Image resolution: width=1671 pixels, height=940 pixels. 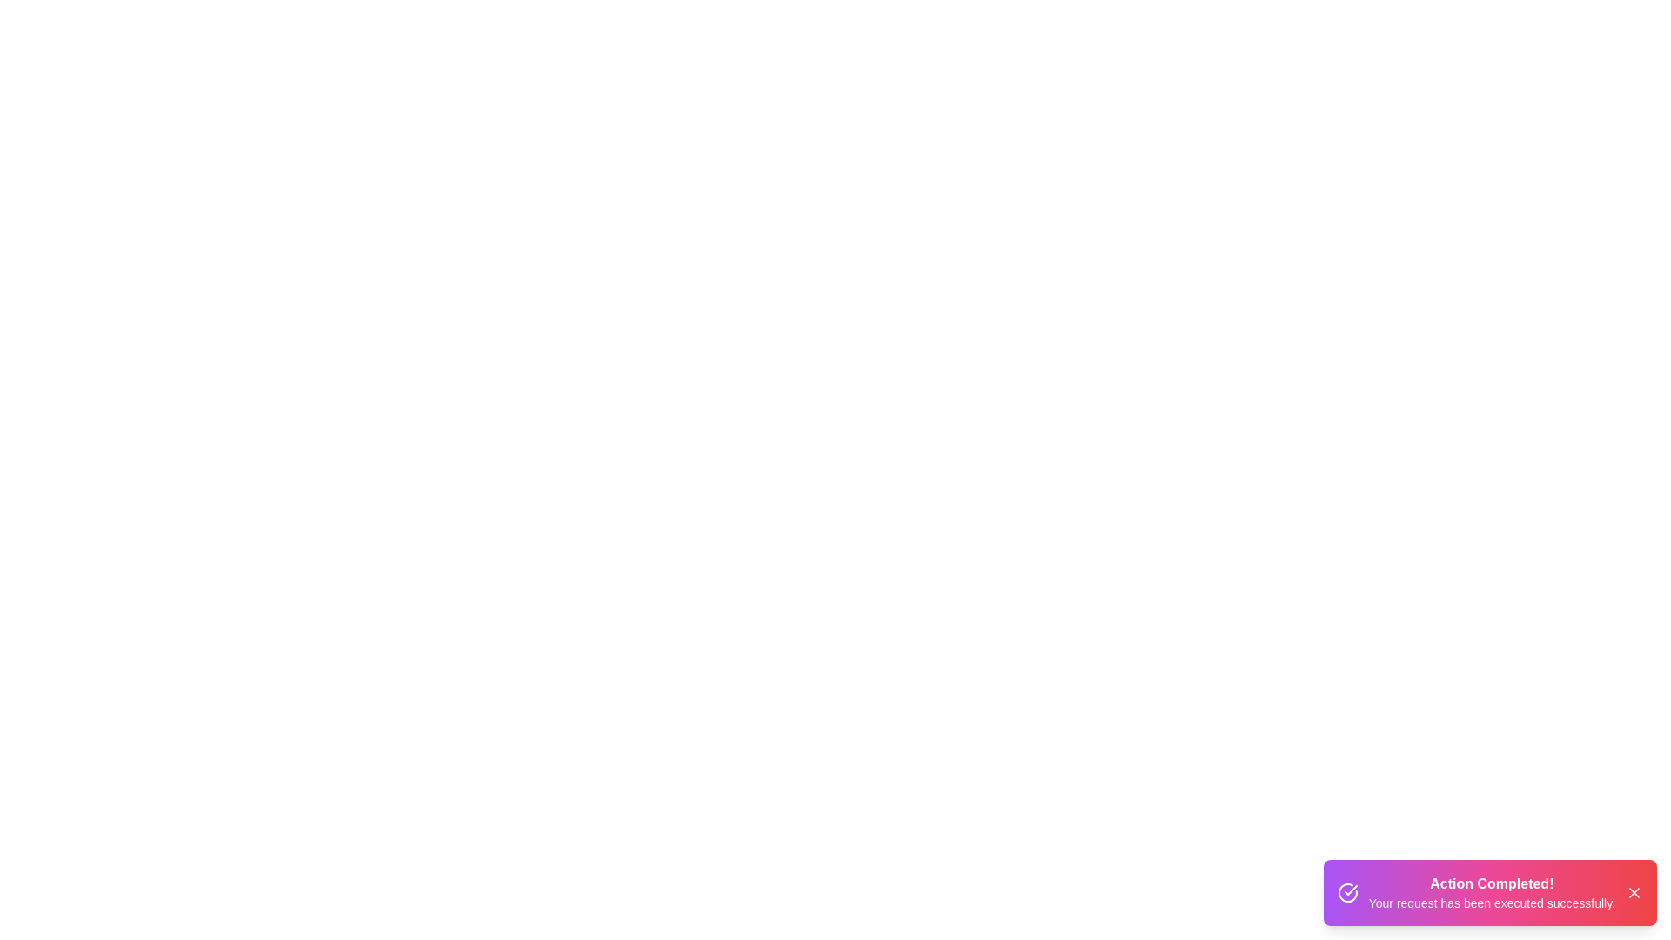 I want to click on the dismiss button styled as a white 'X' on a red background located at the far right side of the notification card to identify its functionality, so click(x=1633, y=893).